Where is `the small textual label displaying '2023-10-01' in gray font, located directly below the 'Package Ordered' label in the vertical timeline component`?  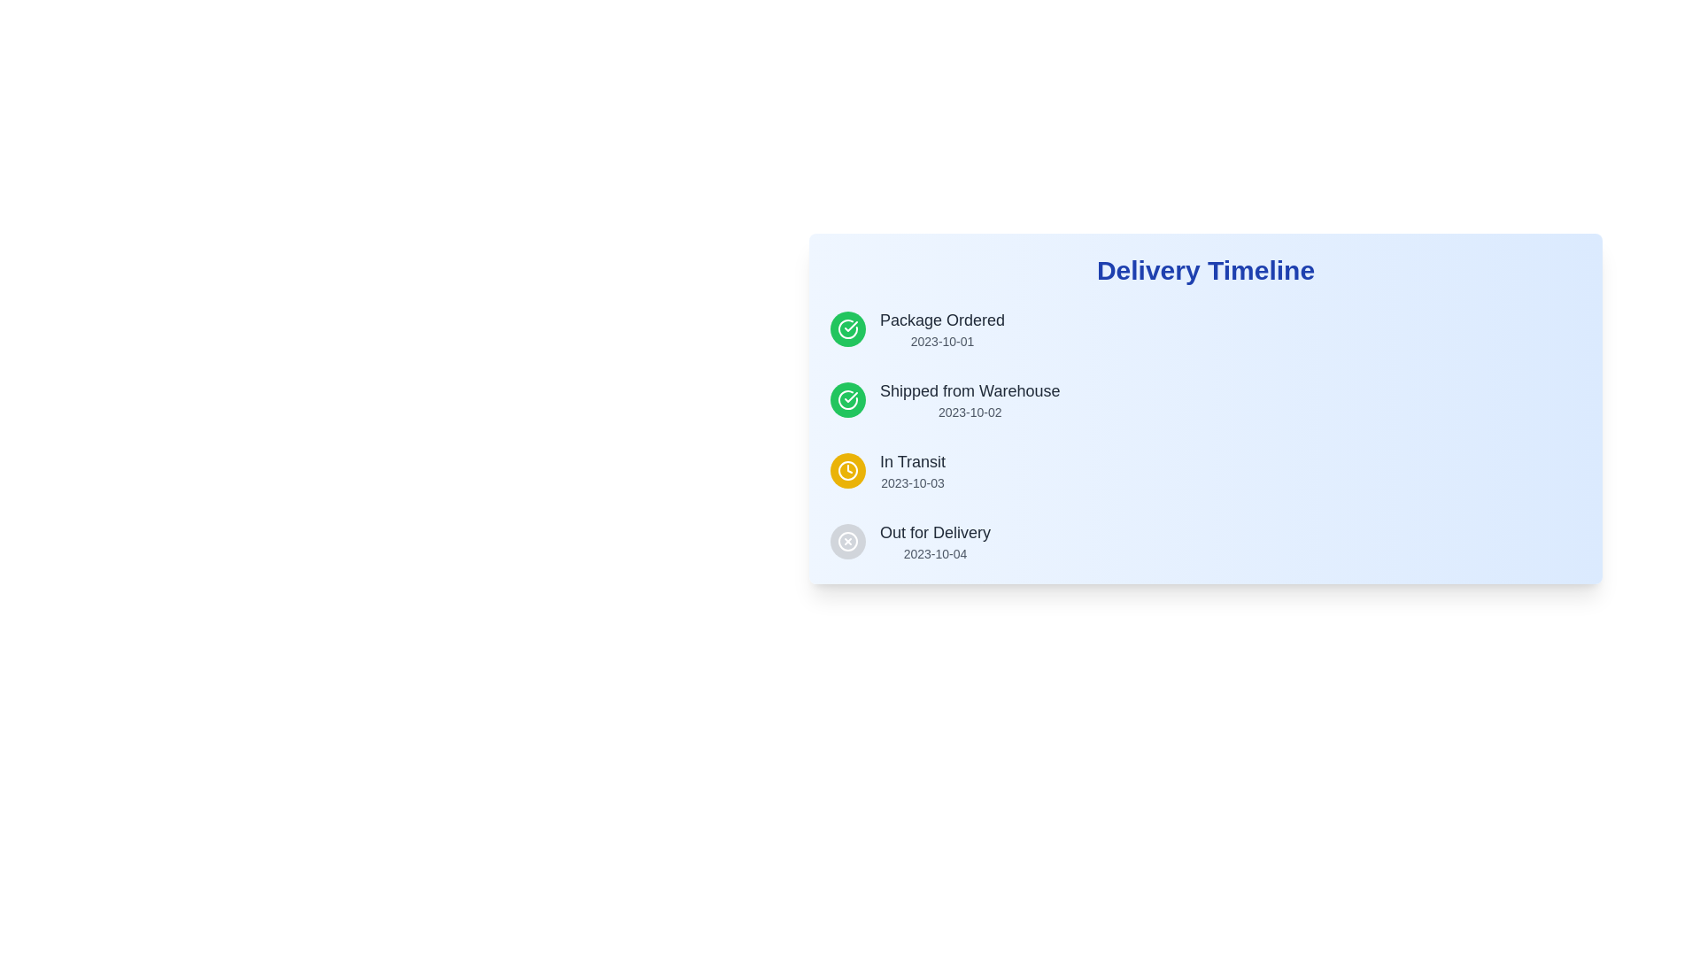
the small textual label displaying '2023-10-01' in gray font, located directly below the 'Package Ordered' label in the vertical timeline component is located at coordinates (941, 341).